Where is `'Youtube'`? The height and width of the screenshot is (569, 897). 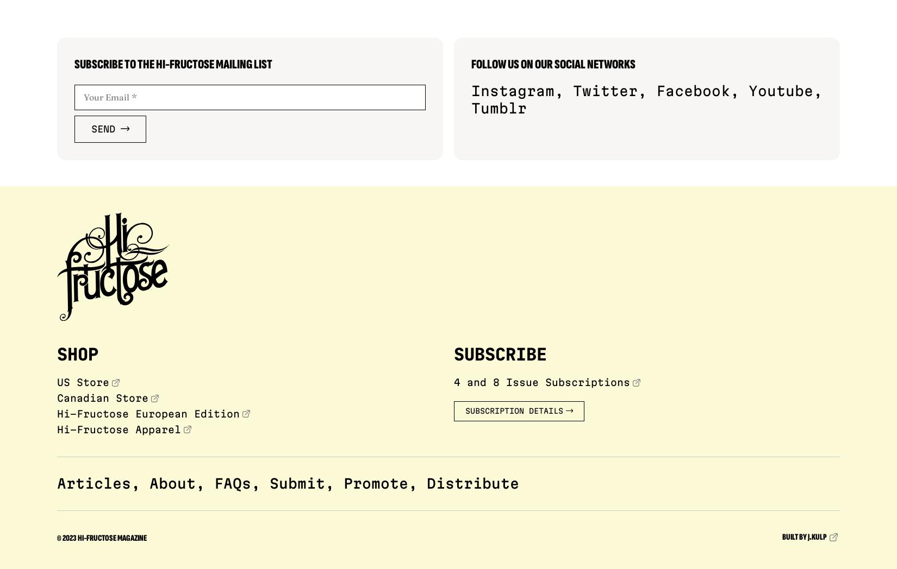 'Youtube' is located at coordinates (780, 91).